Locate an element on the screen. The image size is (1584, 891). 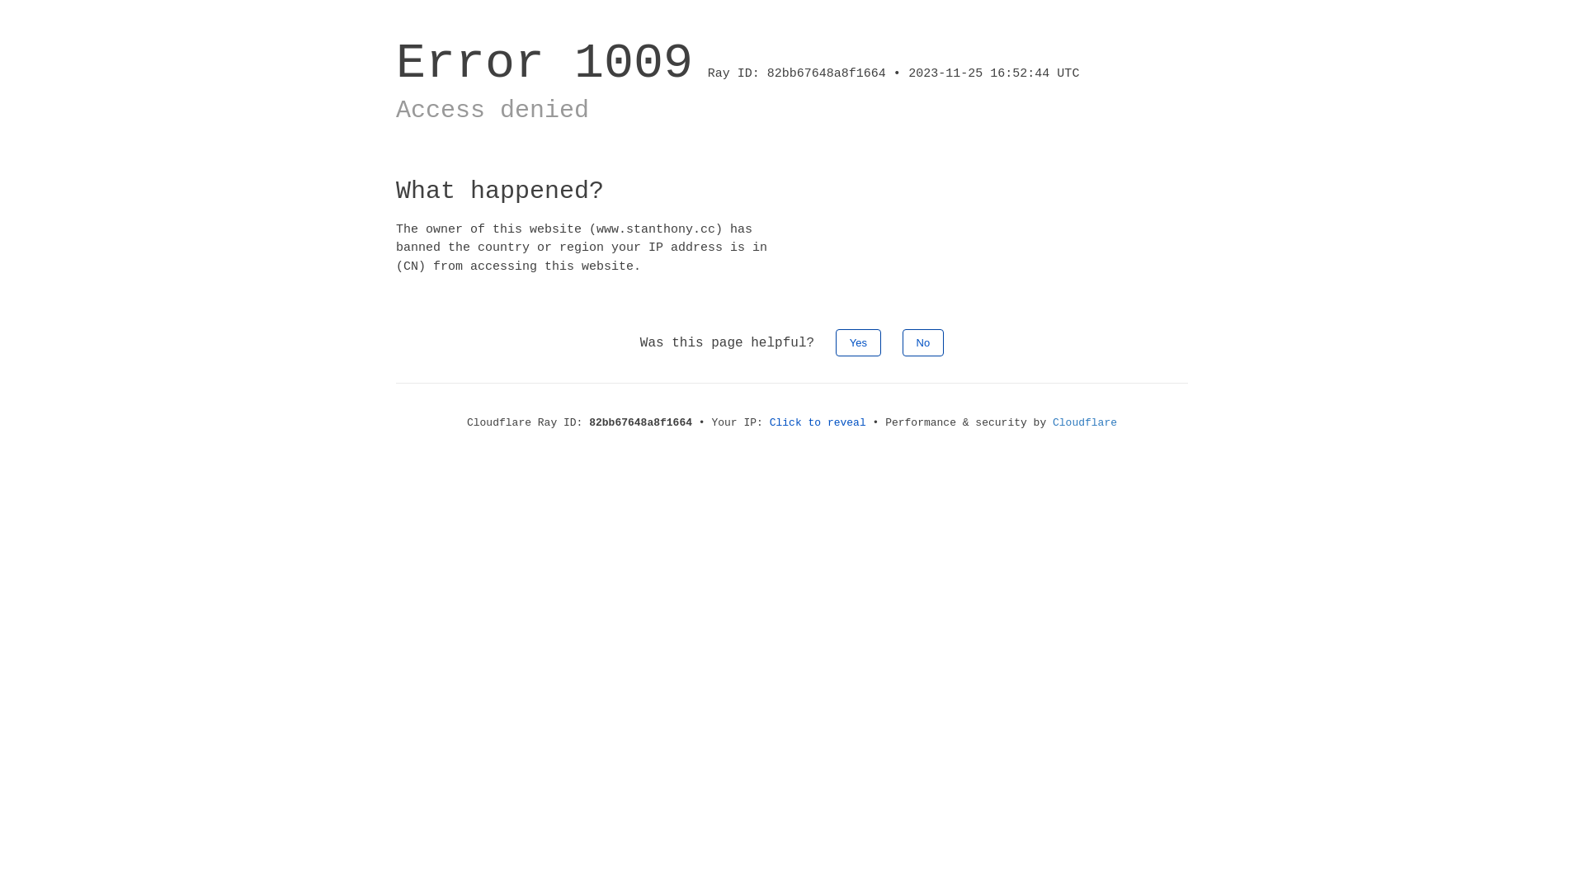
'Yes' is located at coordinates (858, 342).